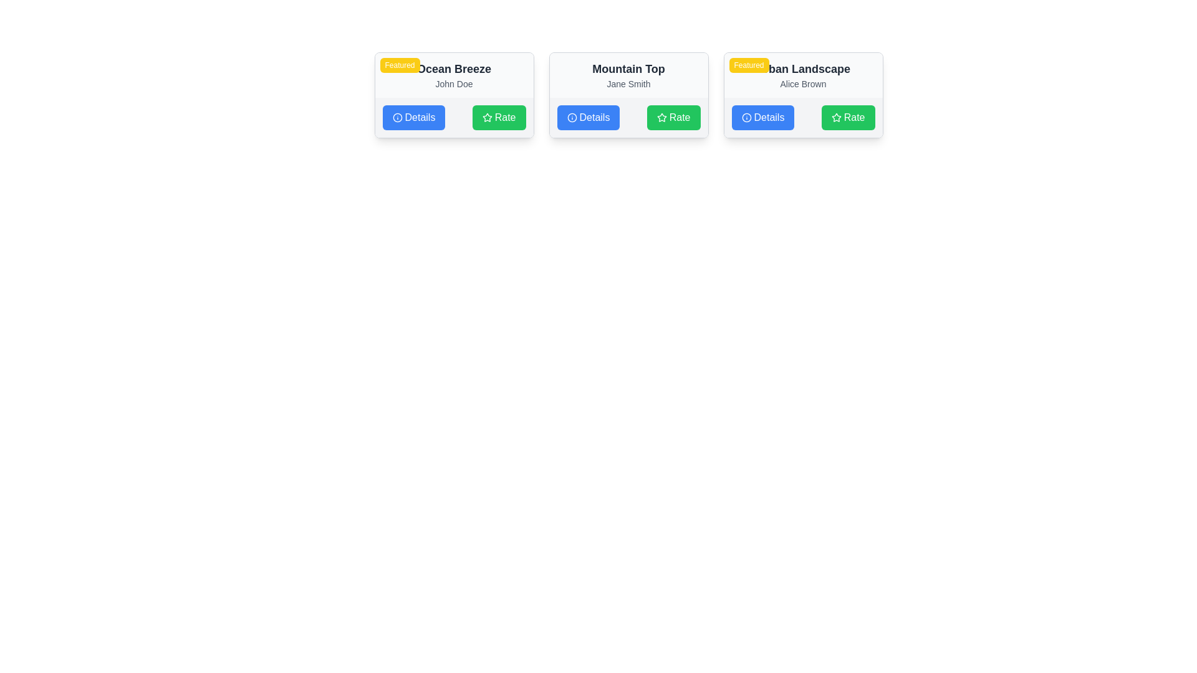 The height and width of the screenshot is (673, 1197). What do you see at coordinates (762, 118) in the screenshot?
I see `the button located in the 'Urban Landscape' panel at the bottom left corner` at bounding box center [762, 118].